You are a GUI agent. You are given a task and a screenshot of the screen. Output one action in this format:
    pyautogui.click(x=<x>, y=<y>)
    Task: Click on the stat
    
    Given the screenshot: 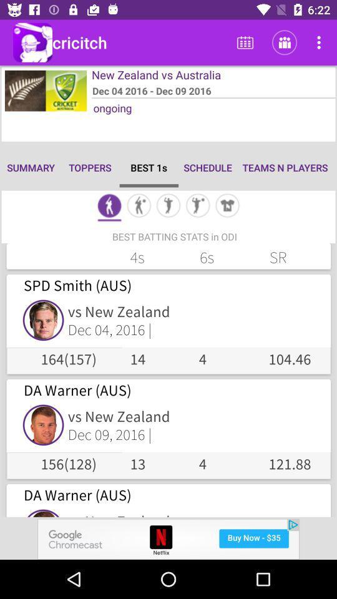 What is the action you would take?
    pyautogui.click(x=109, y=207)
    